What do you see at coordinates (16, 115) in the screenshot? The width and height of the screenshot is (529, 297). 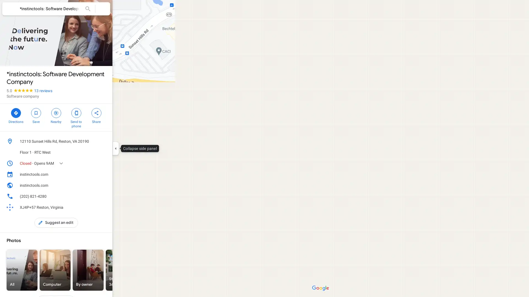 I see `Directions to *instinctools: Software Development Company` at bounding box center [16, 115].